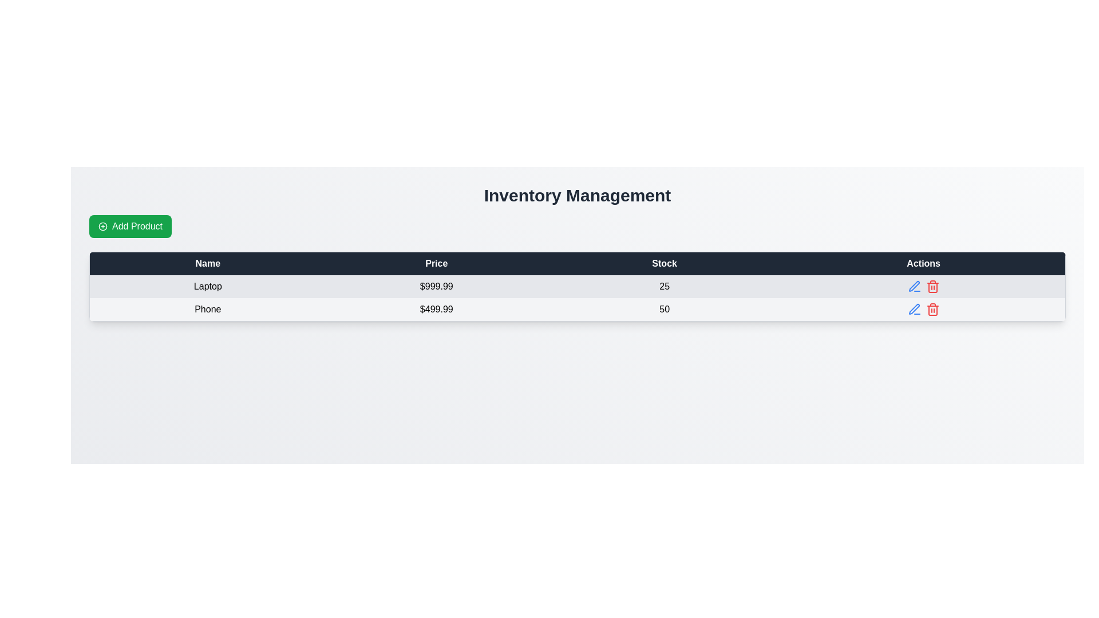 The height and width of the screenshot is (618, 1099). I want to click on the edit button located in the first row of the table under the 'Actions' column, so click(914, 286).